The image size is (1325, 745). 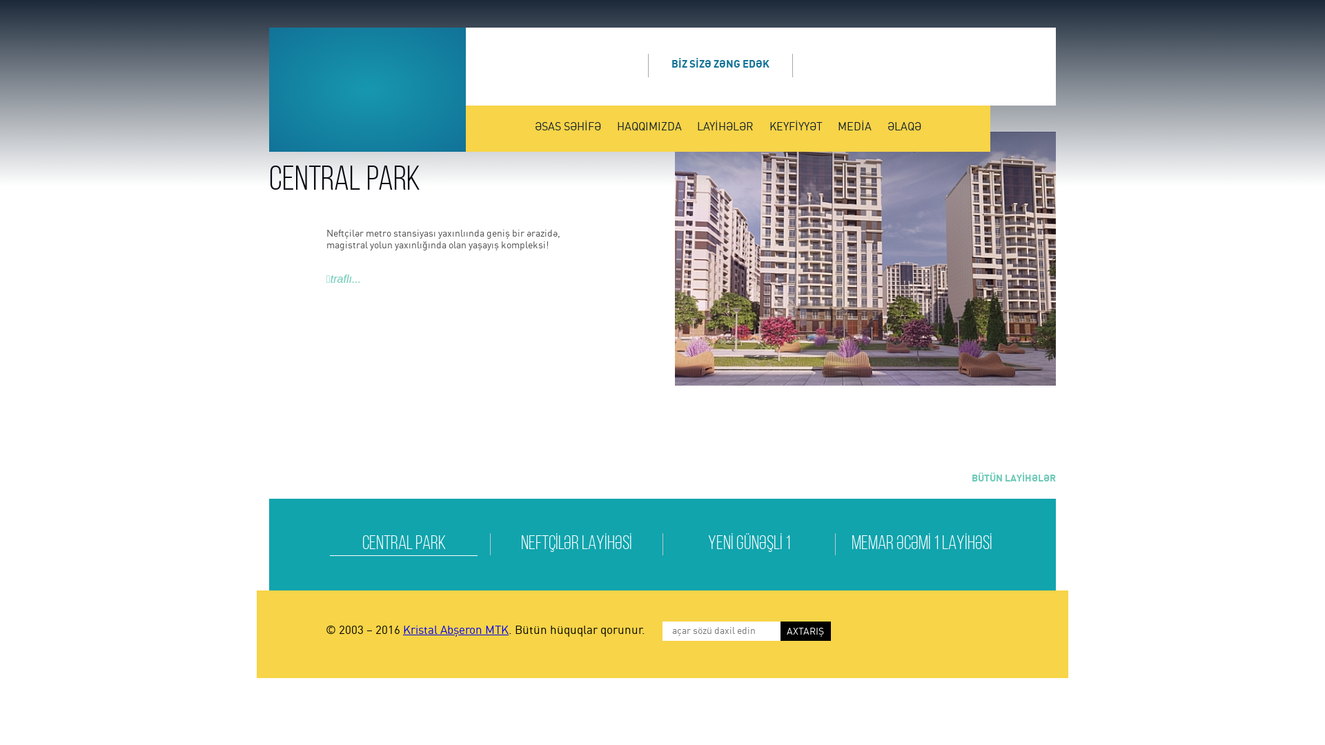 I want to click on 'HAQQIMIZDA', so click(x=648, y=128).